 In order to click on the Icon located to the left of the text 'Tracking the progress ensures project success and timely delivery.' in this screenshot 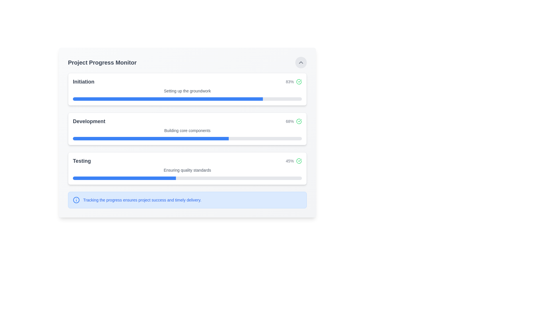, I will do `click(76, 200)`.